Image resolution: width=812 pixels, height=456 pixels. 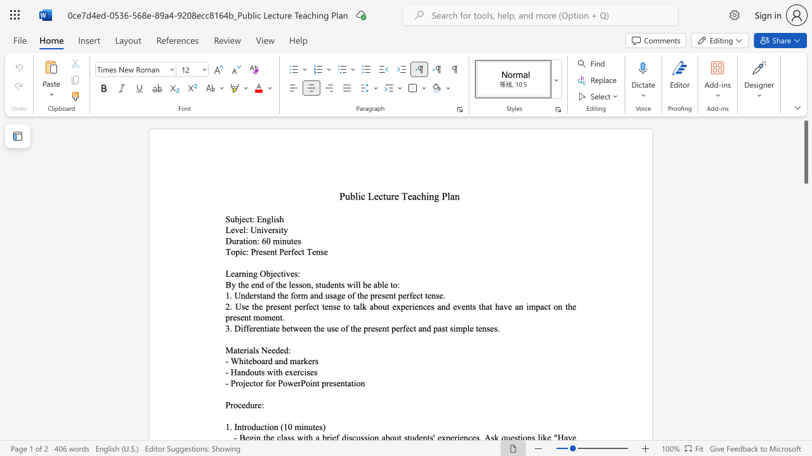 What do you see at coordinates (246, 251) in the screenshot?
I see `the subset text ": Present" within the text "Topic: Present Perfect Tense"` at bounding box center [246, 251].